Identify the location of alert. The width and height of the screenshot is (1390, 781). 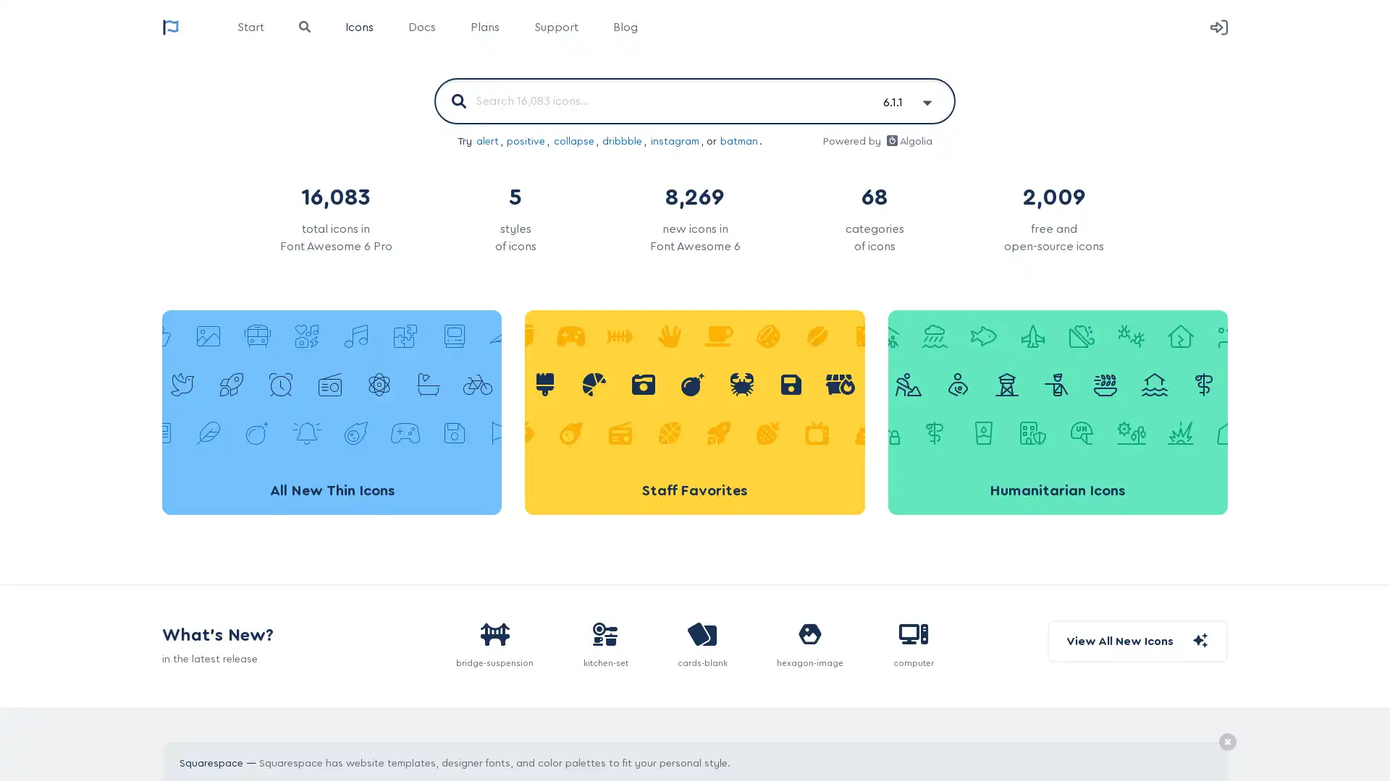
(486, 142).